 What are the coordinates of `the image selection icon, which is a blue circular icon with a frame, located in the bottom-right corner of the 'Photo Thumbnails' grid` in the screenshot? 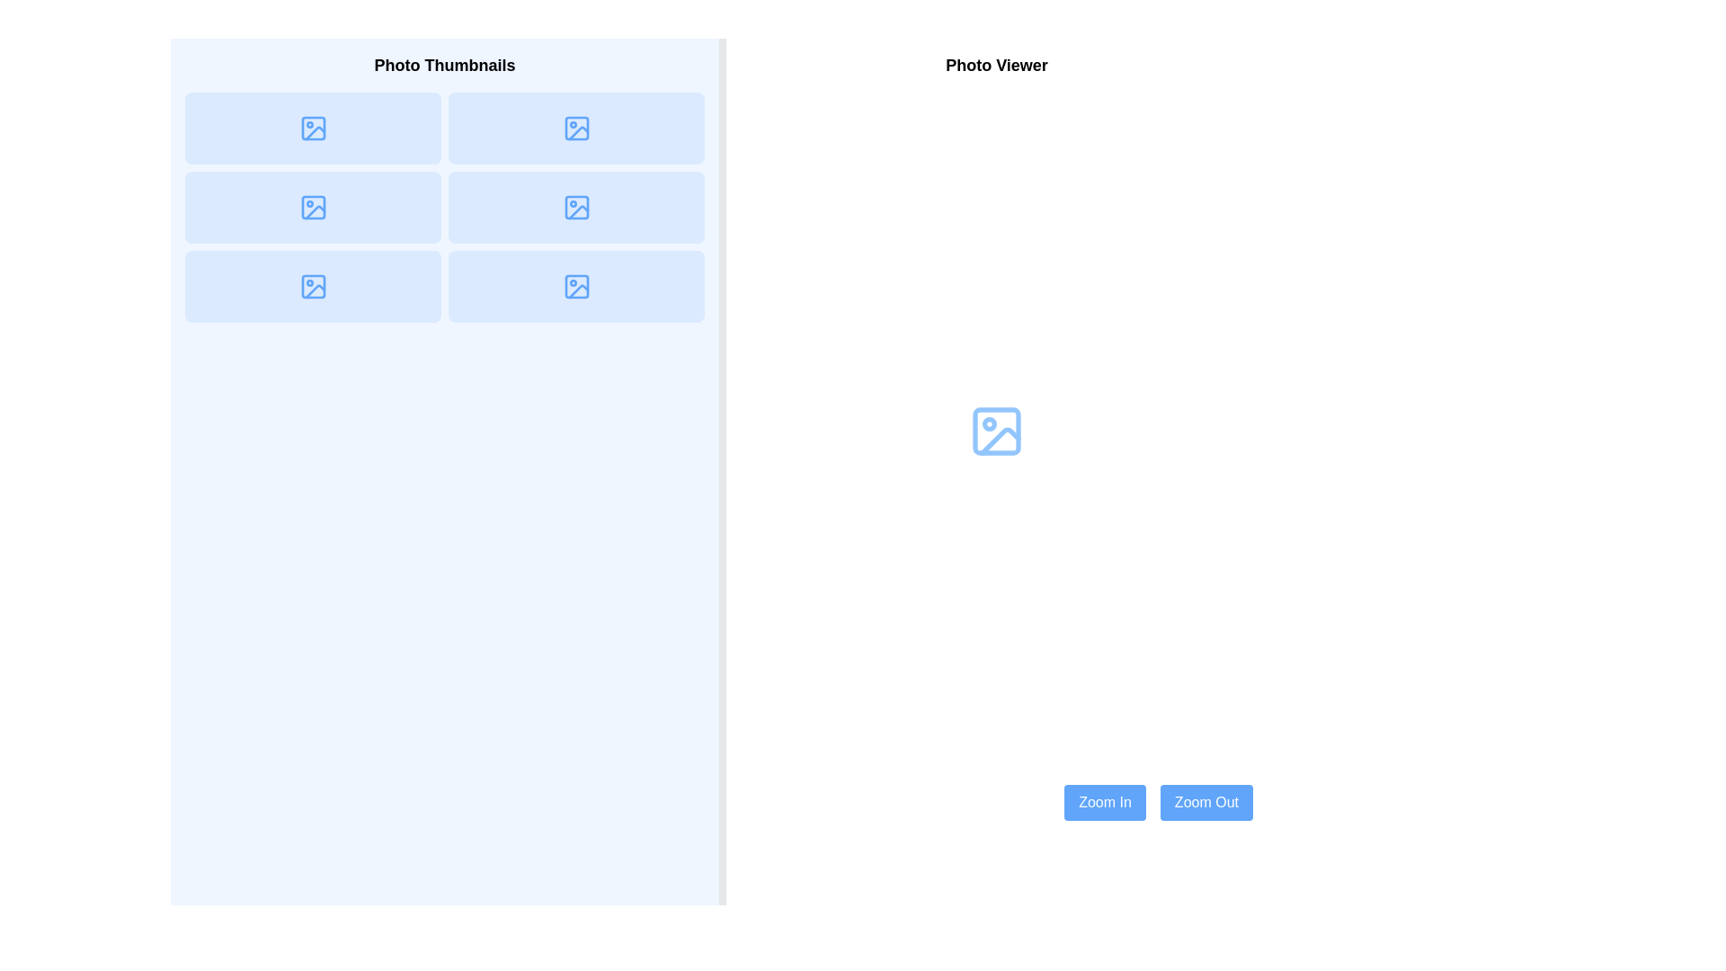 It's located at (576, 286).